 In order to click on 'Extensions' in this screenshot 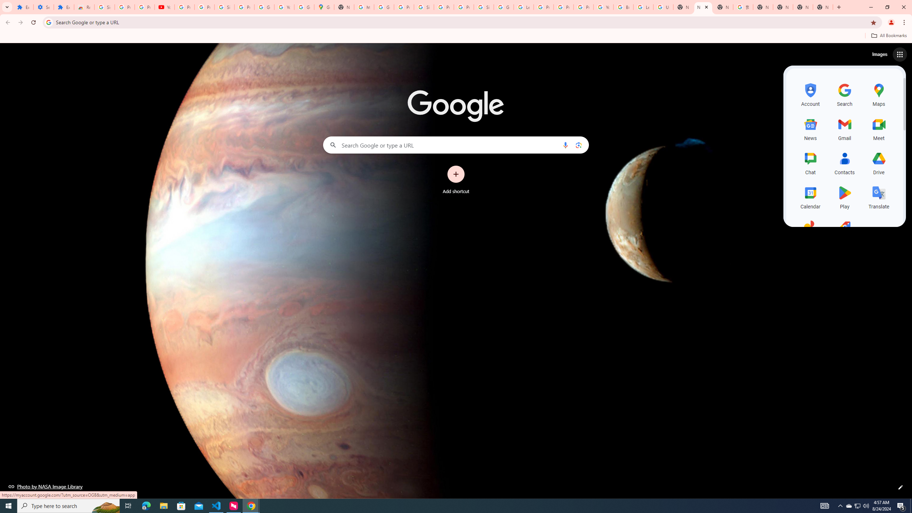, I will do `click(23, 7)`.